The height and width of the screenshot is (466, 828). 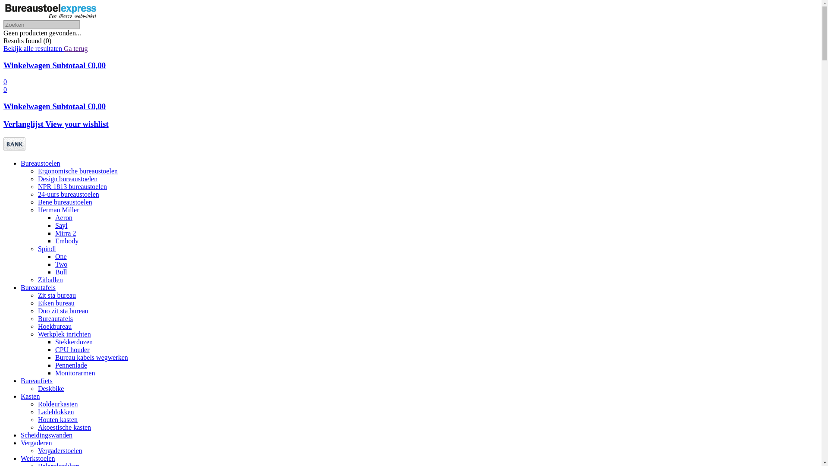 What do you see at coordinates (37, 249) in the screenshot?
I see `'Spindl'` at bounding box center [37, 249].